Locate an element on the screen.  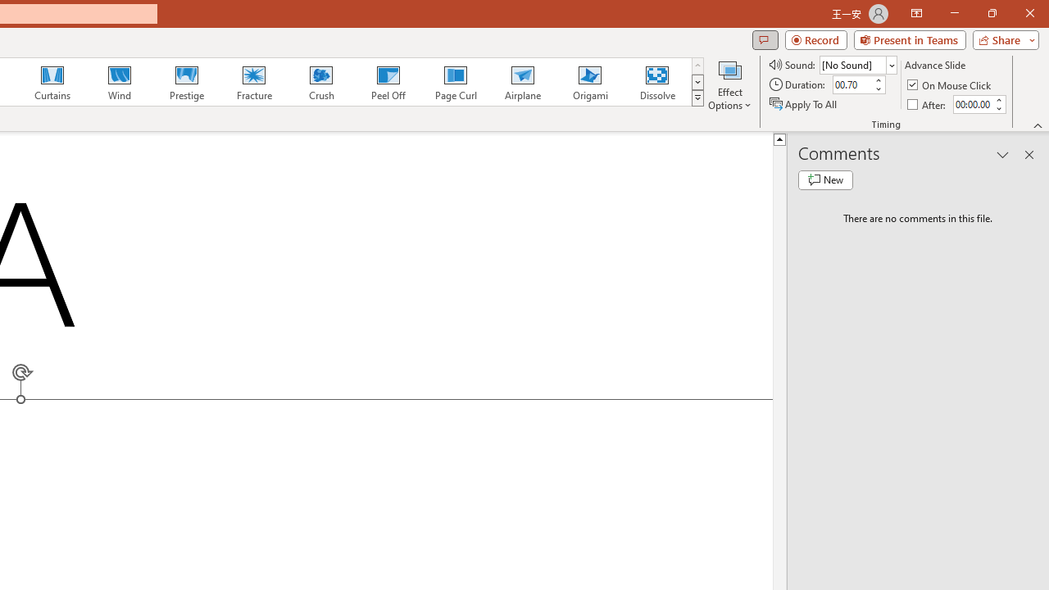
'Prestige' is located at coordinates (186, 82).